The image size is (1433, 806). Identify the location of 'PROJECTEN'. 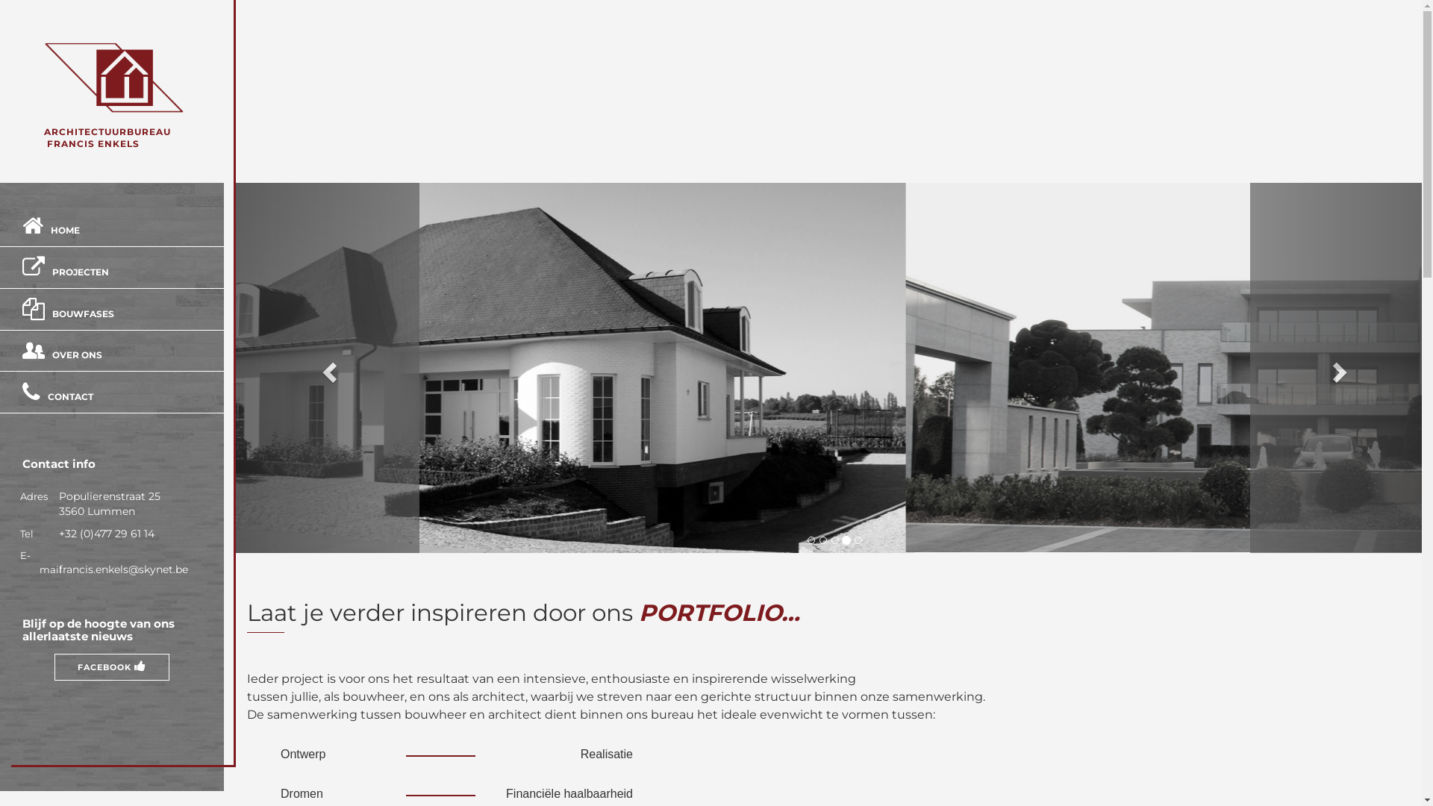
(52, 272).